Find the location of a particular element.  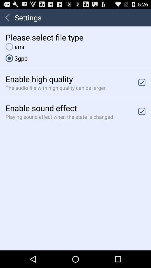

go back is located at coordinates (7, 17).